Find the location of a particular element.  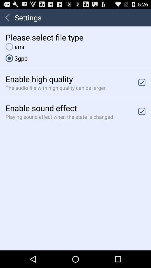

go back is located at coordinates (7, 17).